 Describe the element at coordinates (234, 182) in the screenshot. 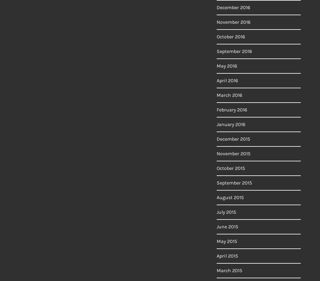

I see `'September 2015'` at that location.